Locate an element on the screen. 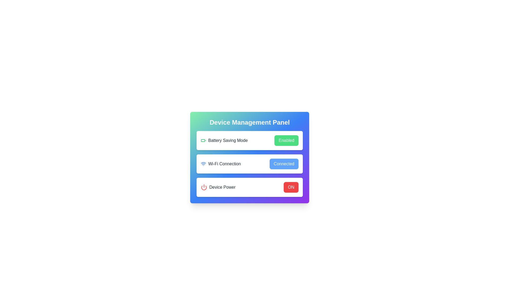 This screenshot has width=510, height=287. the rectangular button with rounded corners, bold red background, and white text 'ON' for keyboard interaction is located at coordinates (291, 187).